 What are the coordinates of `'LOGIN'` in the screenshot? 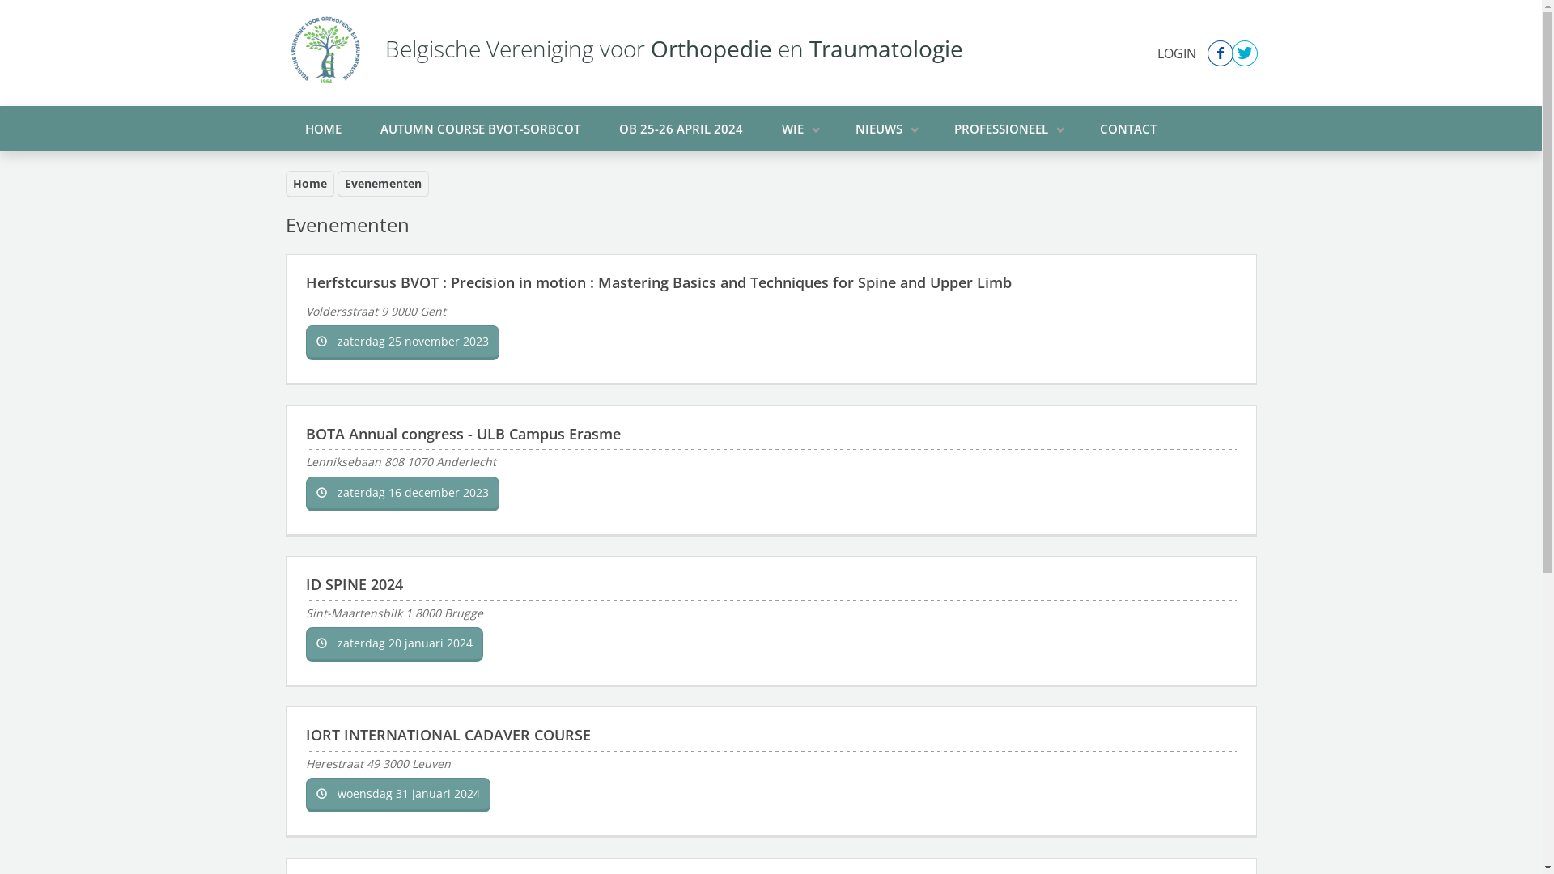 It's located at (1177, 52).